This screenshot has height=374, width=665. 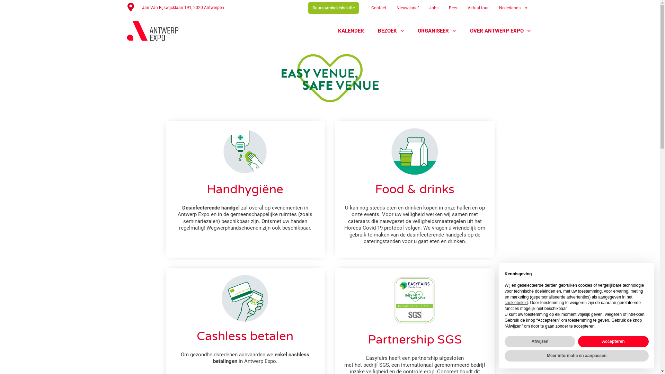 I want to click on 'Virtual tour', so click(x=478, y=8).